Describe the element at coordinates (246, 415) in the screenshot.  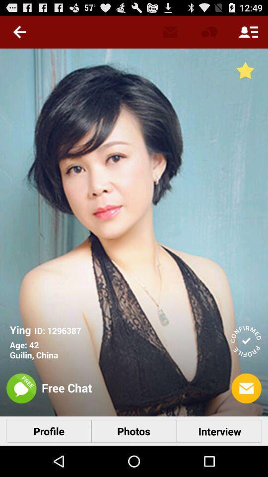
I see `the email icon` at that location.